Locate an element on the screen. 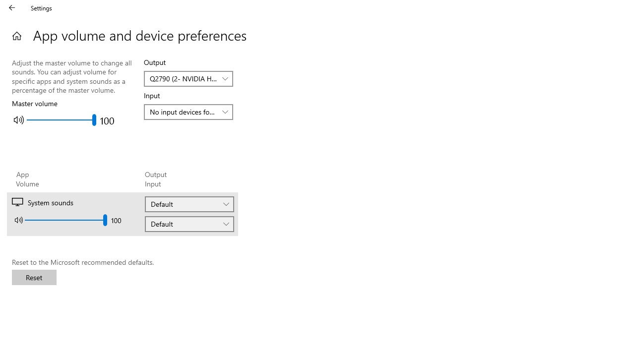 Image resolution: width=635 pixels, height=357 pixels. 'Mute app' is located at coordinates (18, 219).